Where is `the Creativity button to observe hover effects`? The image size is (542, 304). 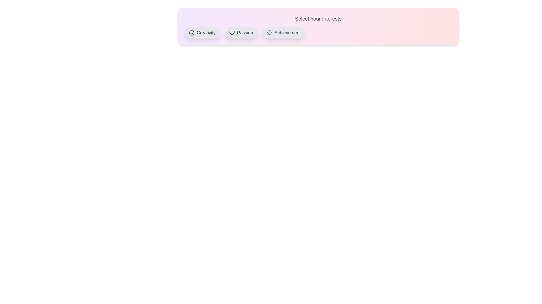
the Creativity button to observe hover effects is located at coordinates (202, 33).